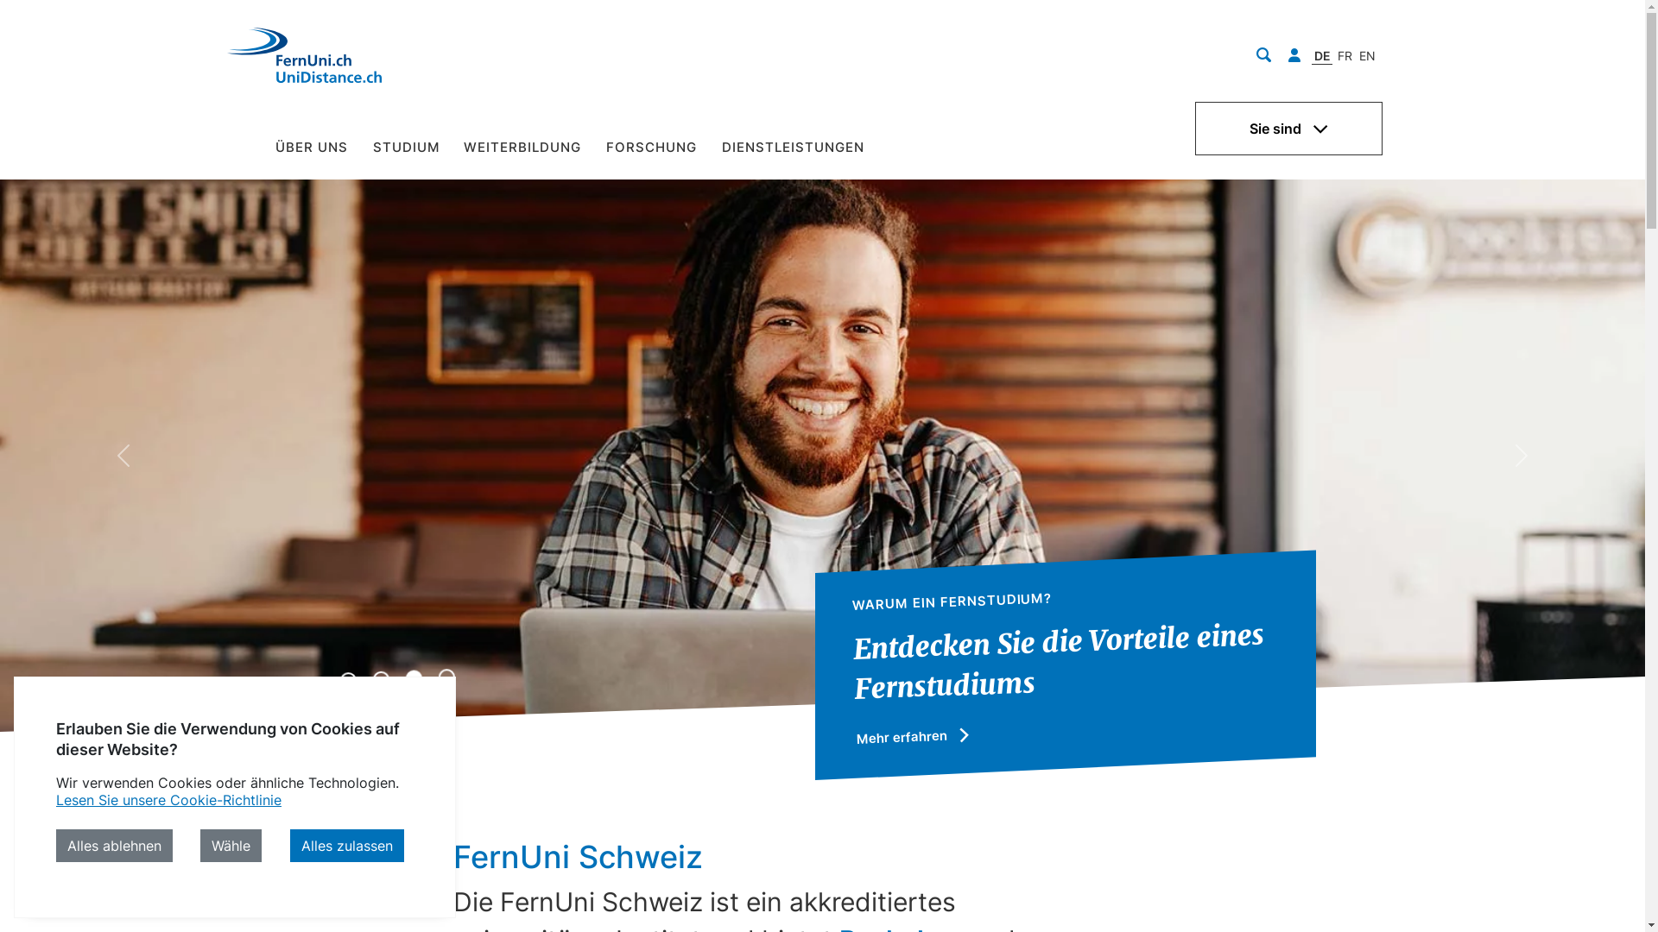 The width and height of the screenshot is (1658, 932). What do you see at coordinates (1288, 128) in the screenshot?
I see `'Sie sind'` at bounding box center [1288, 128].